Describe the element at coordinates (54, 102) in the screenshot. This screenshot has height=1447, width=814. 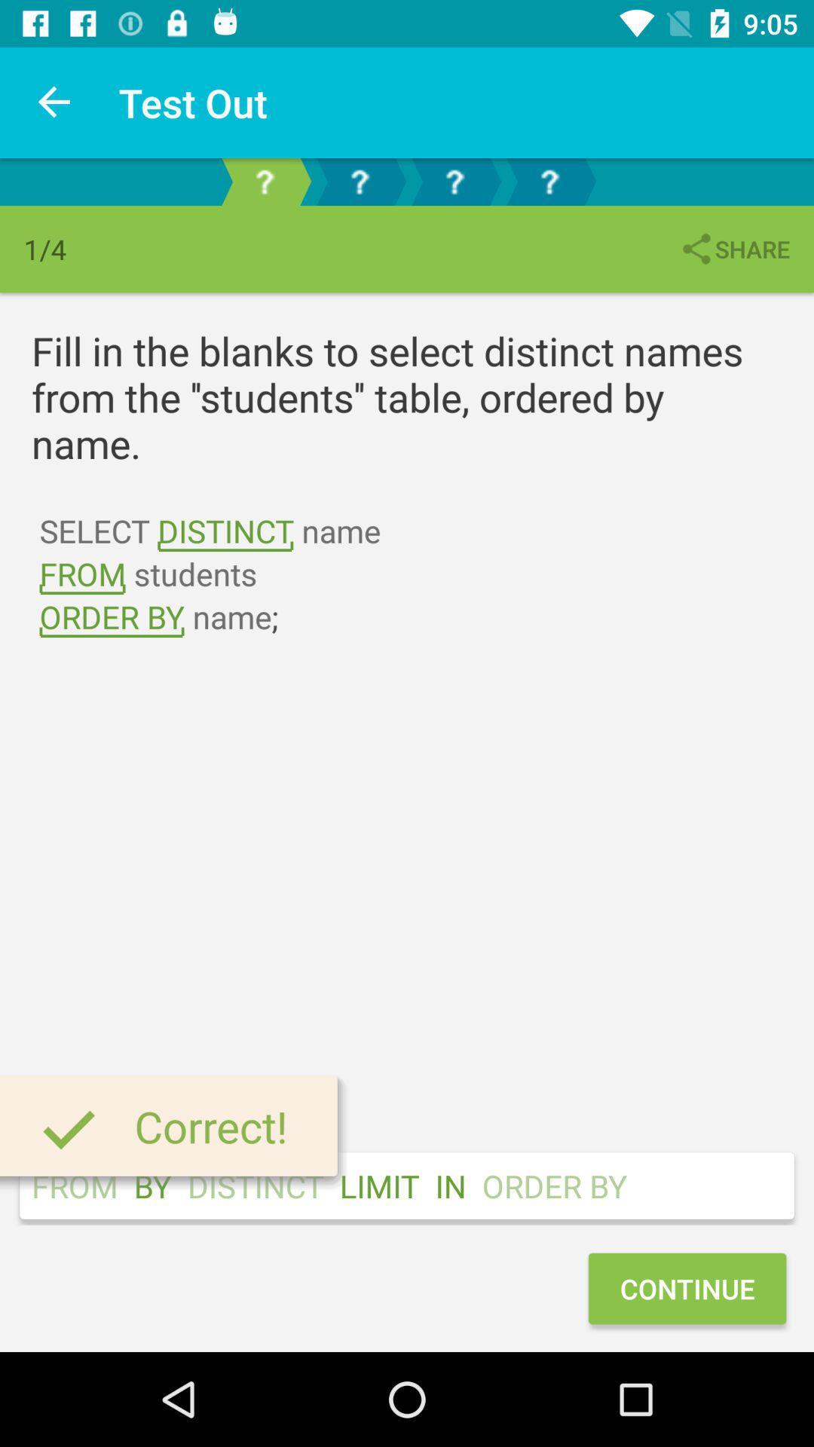
I see `the item above the 1/4 item` at that location.